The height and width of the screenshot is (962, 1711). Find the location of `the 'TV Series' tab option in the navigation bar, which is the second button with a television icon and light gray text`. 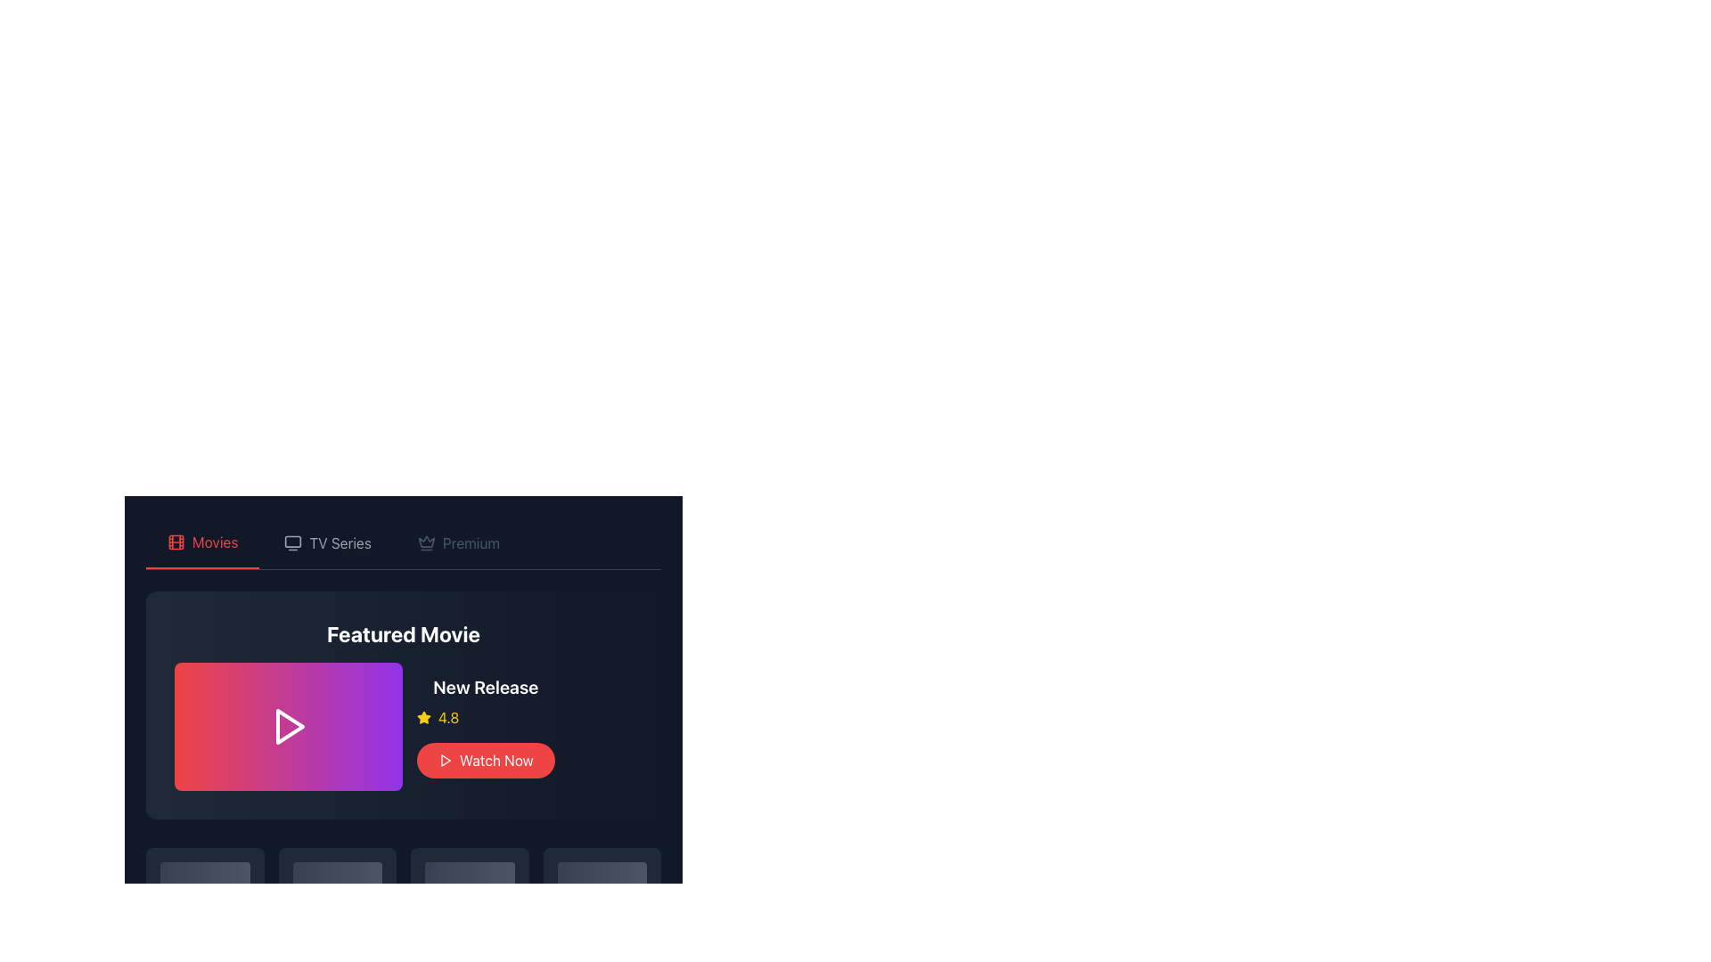

the 'TV Series' tab option in the navigation bar, which is the second button with a television icon and light gray text is located at coordinates (328, 542).